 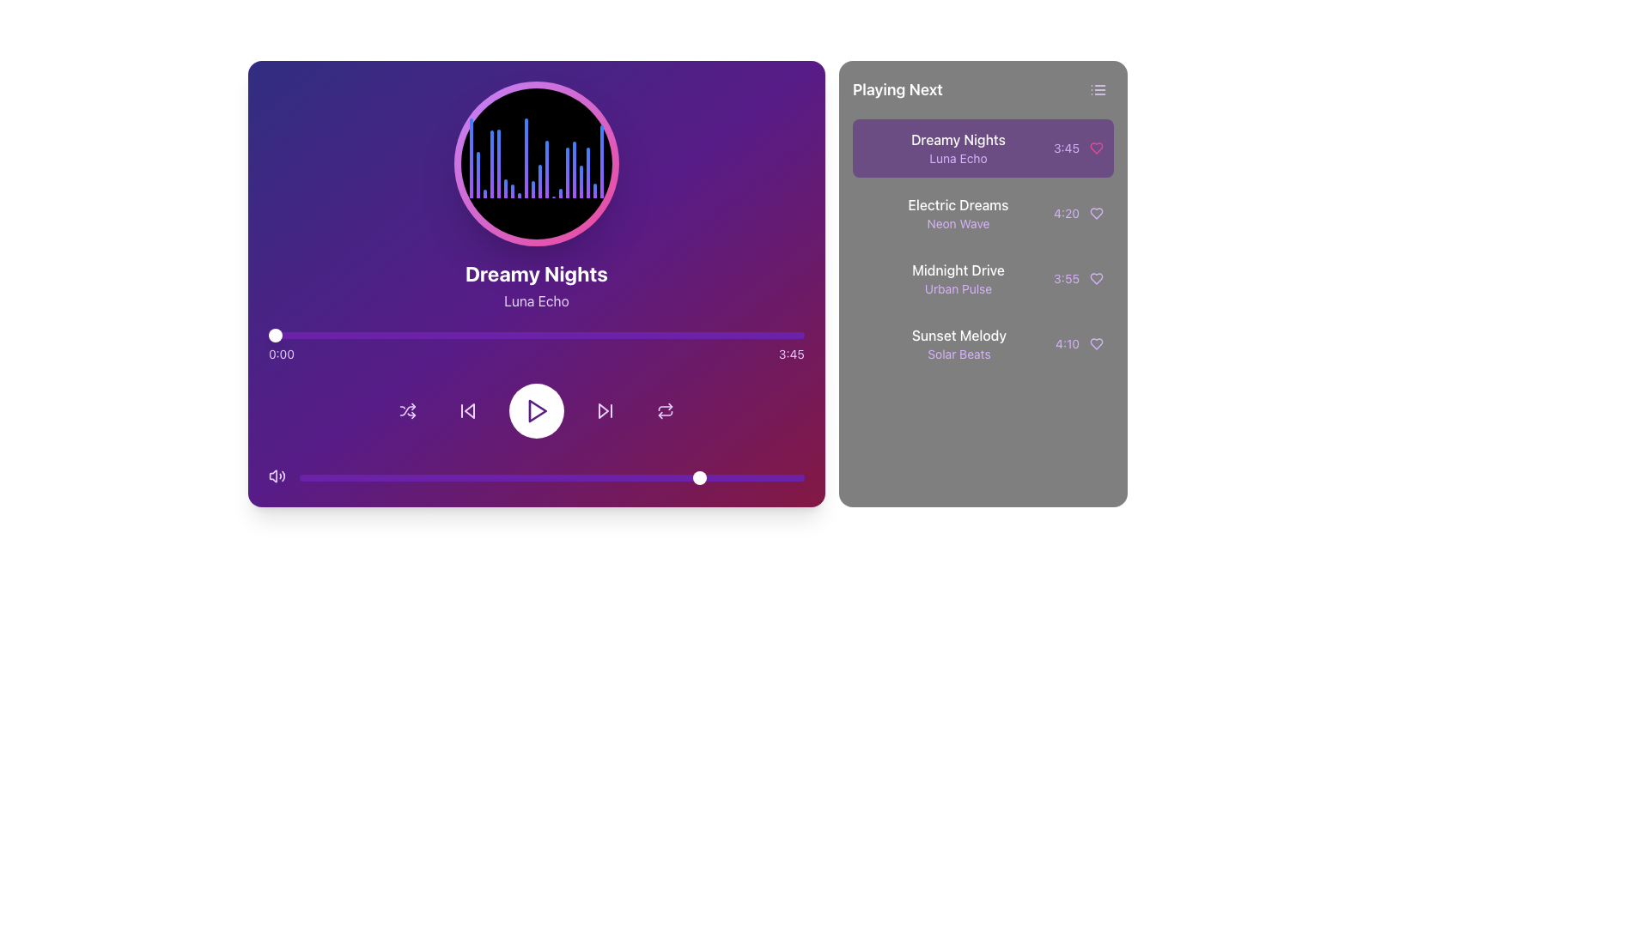 I want to click on the text label reading 'Midnight Drive' and 'Urban Pulse' that is the second entry in the 'Playing Next' panel, located between 'Electric Dreams' and 'Sunset Melody', so click(x=958, y=277).